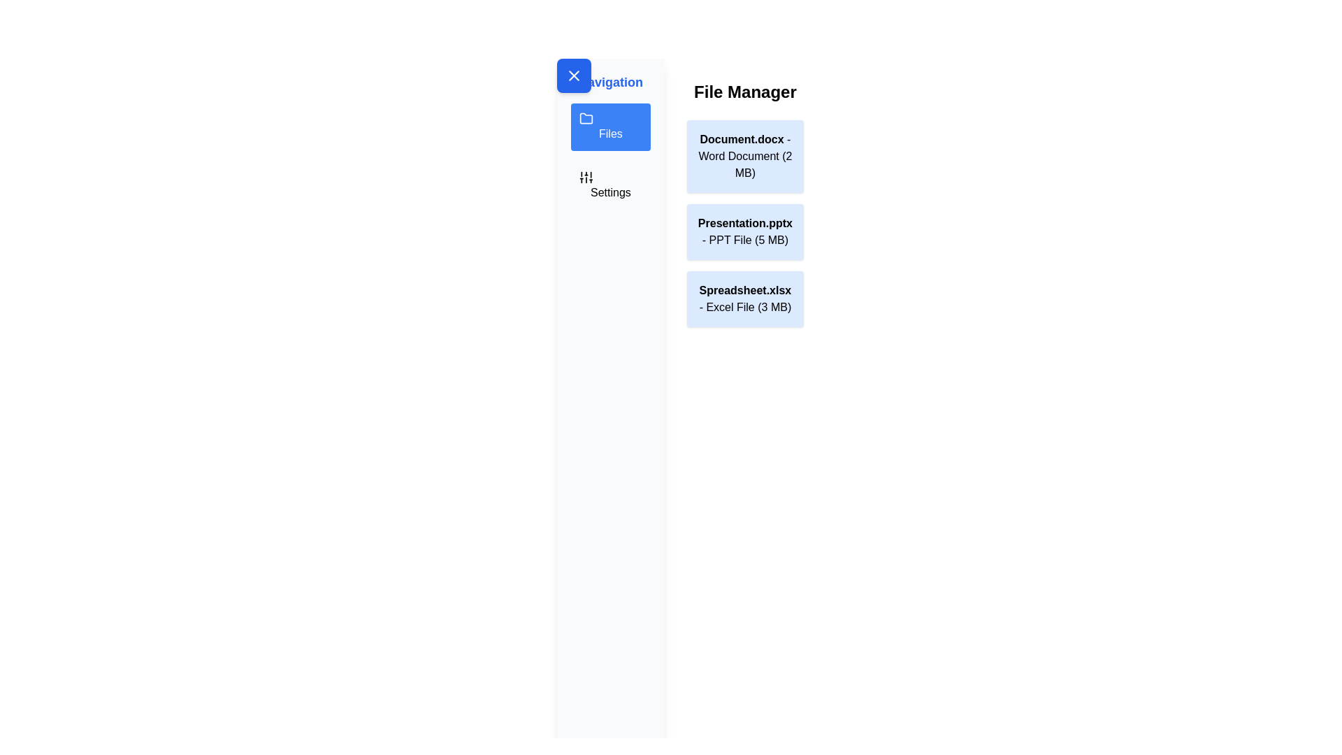 This screenshot has height=755, width=1342. I want to click on the close icon located at the upper left-hand corner of the sidebar navigation section to trigger a tooltip or visual response, so click(574, 75).